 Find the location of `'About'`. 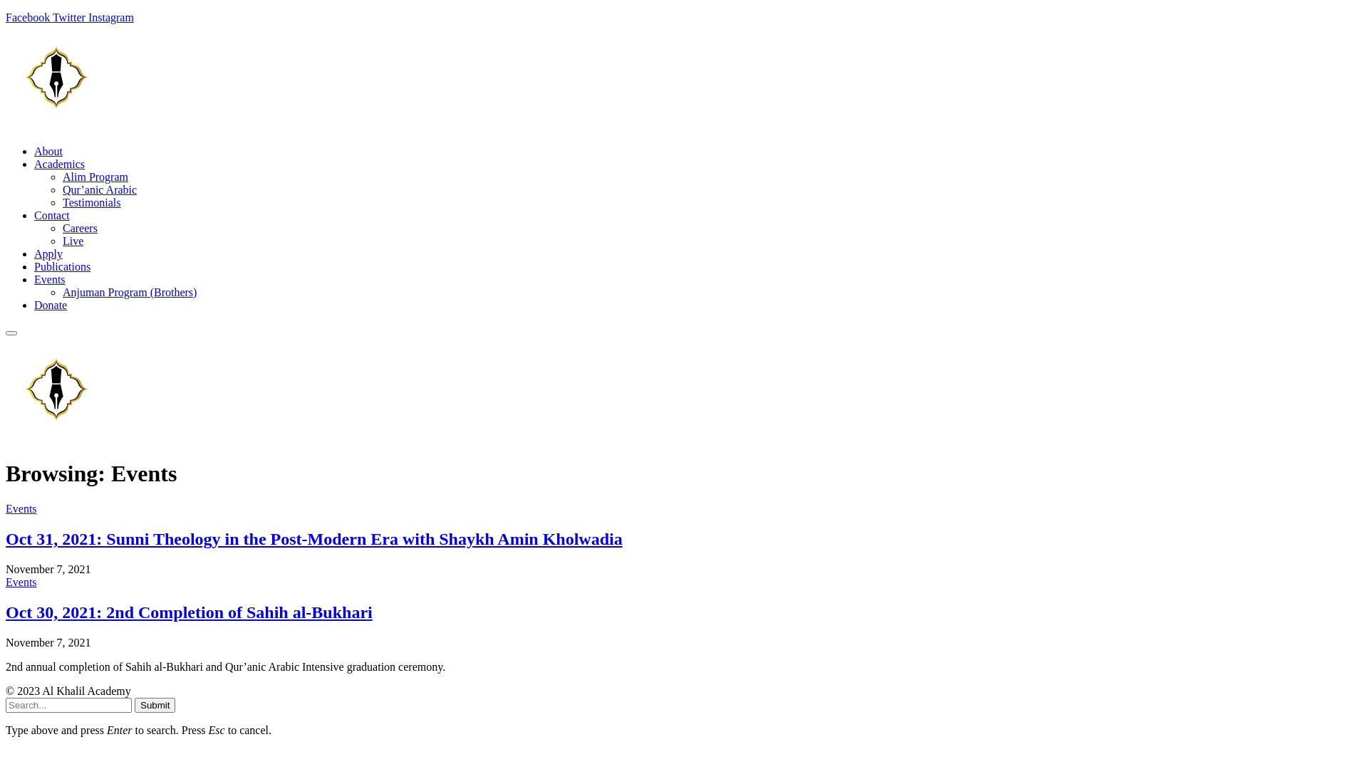

'About' is located at coordinates (48, 151).